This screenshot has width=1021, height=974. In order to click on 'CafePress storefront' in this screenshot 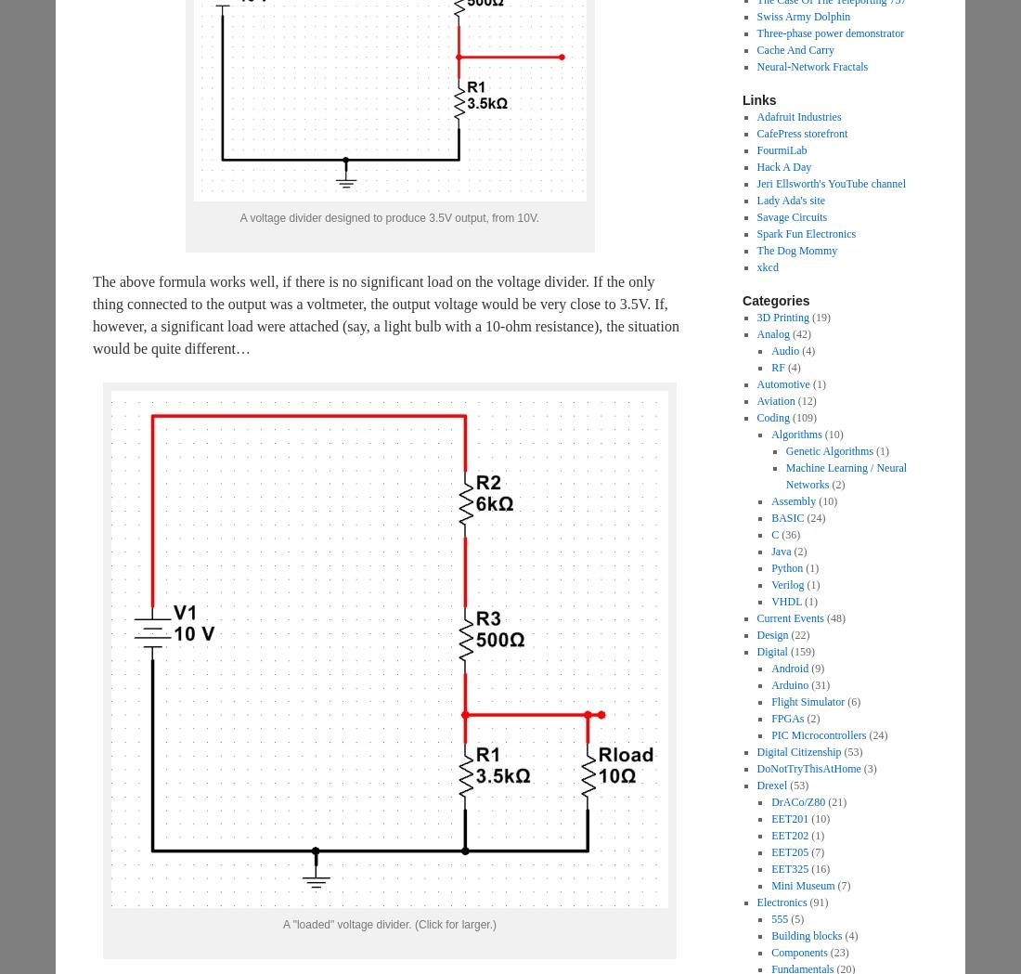, I will do `click(801, 134)`.